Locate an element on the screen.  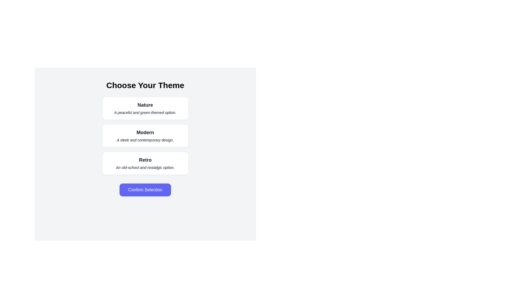
the text label displaying the title 'Retro', which is styled with a large, bold font and located in the third card from the top is located at coordinates (145, 160).